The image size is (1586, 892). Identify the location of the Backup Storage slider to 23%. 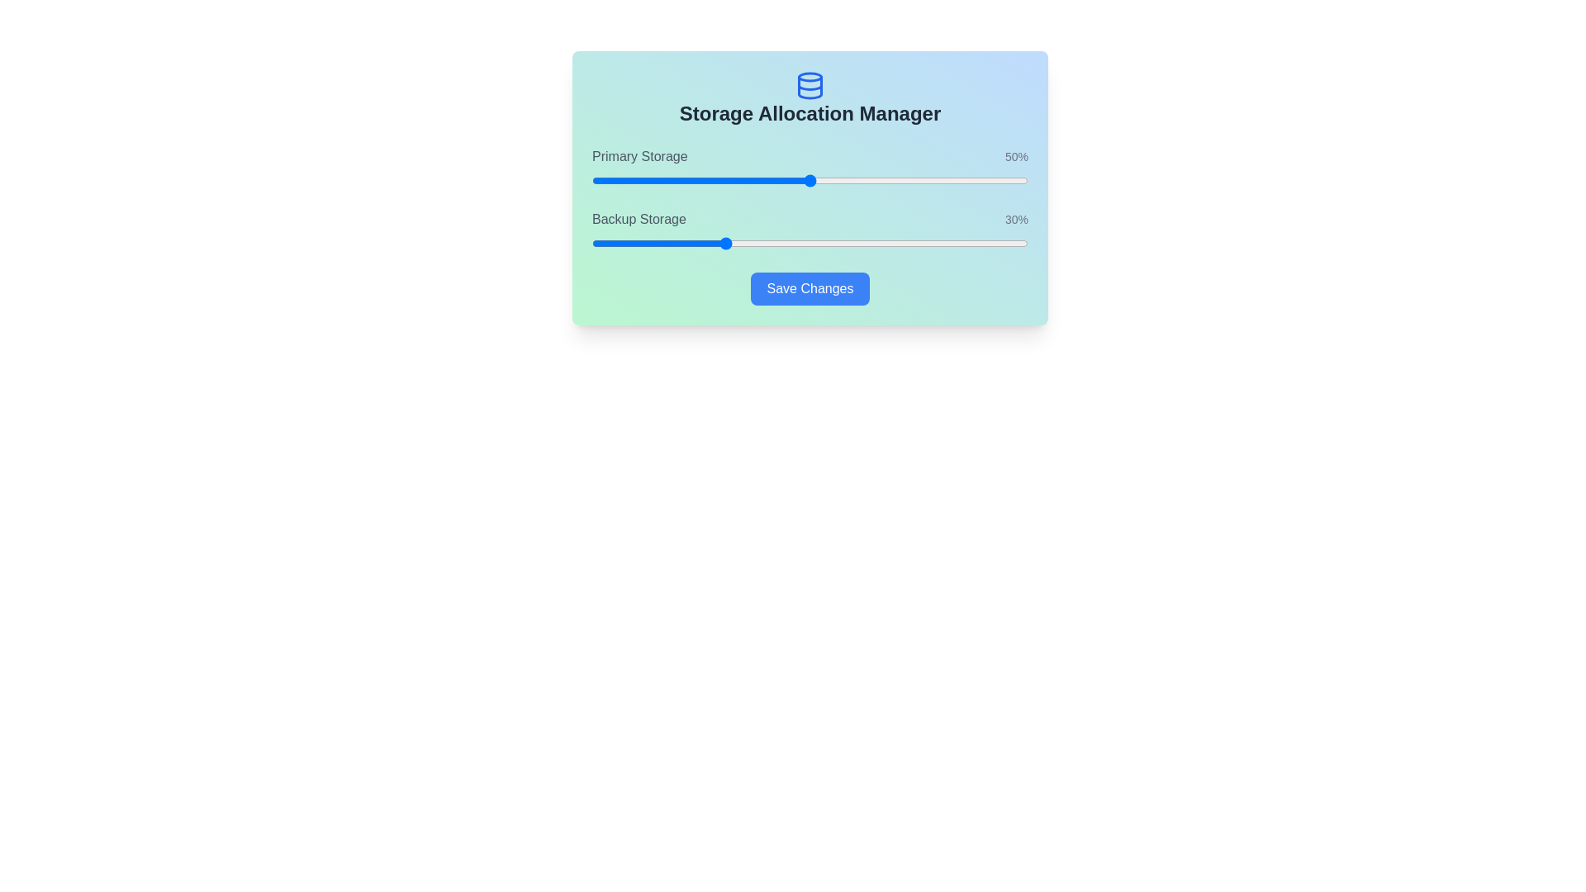
(692, 243).